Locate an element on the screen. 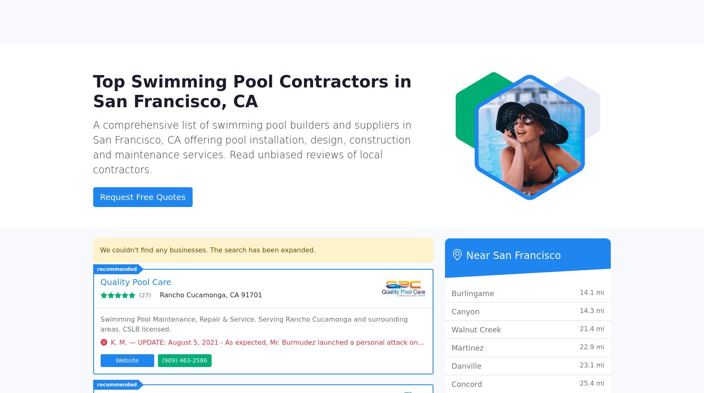 Image resolution: width=704 pixels, height=393 pixels. 'Swimming Pool Cleaning' is located at coordinates (496, 107).